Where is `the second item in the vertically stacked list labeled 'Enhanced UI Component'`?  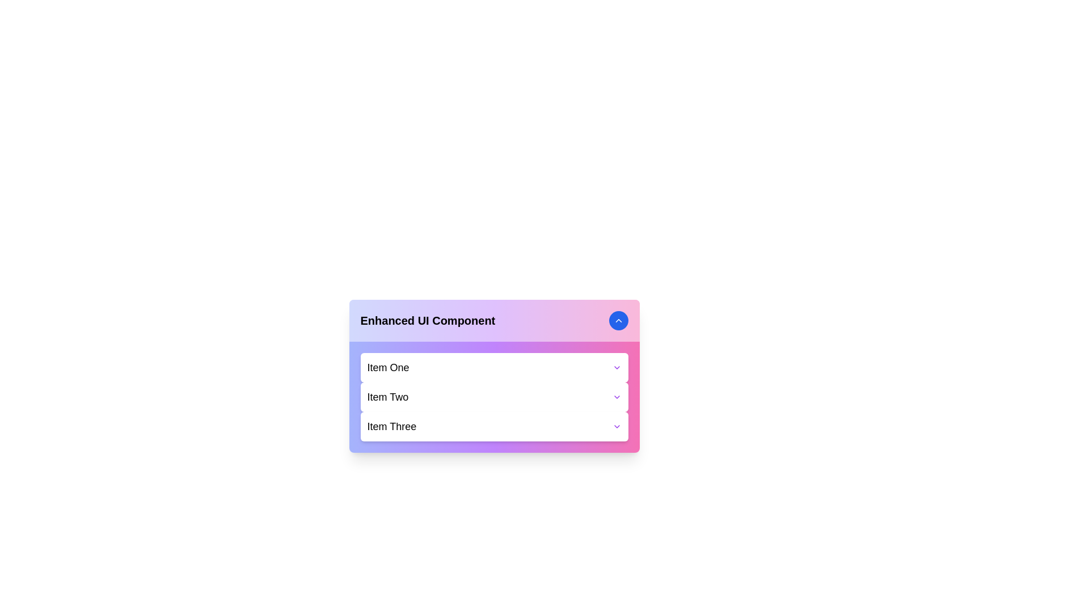
the second item in the vertically stacked list labeled 'Enhanced UI Component' is located at coordinates (494, 397).